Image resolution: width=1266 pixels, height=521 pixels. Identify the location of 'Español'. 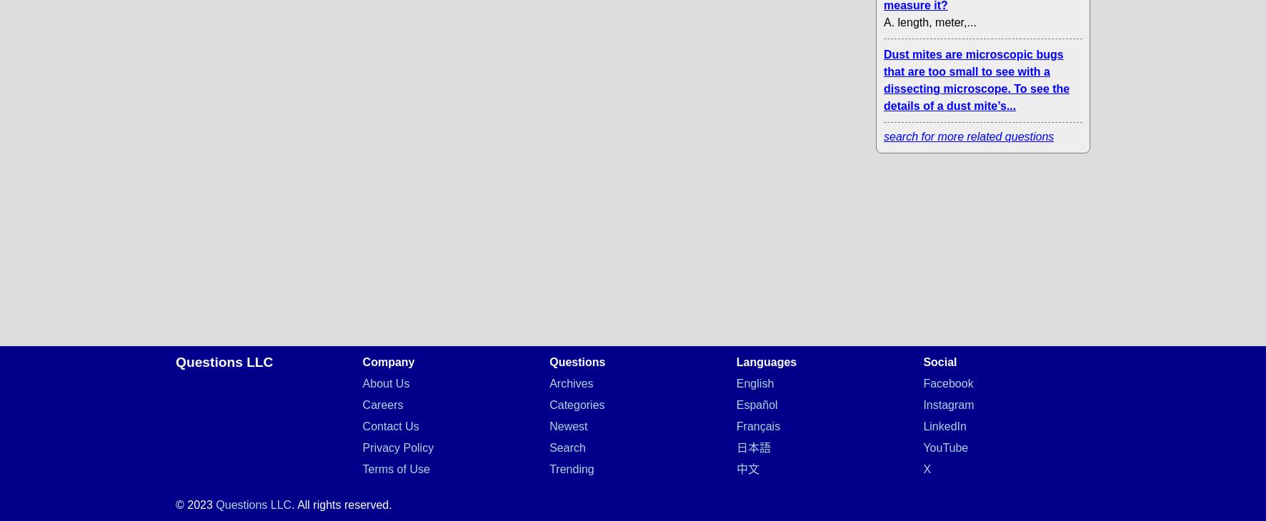
(756, 405).